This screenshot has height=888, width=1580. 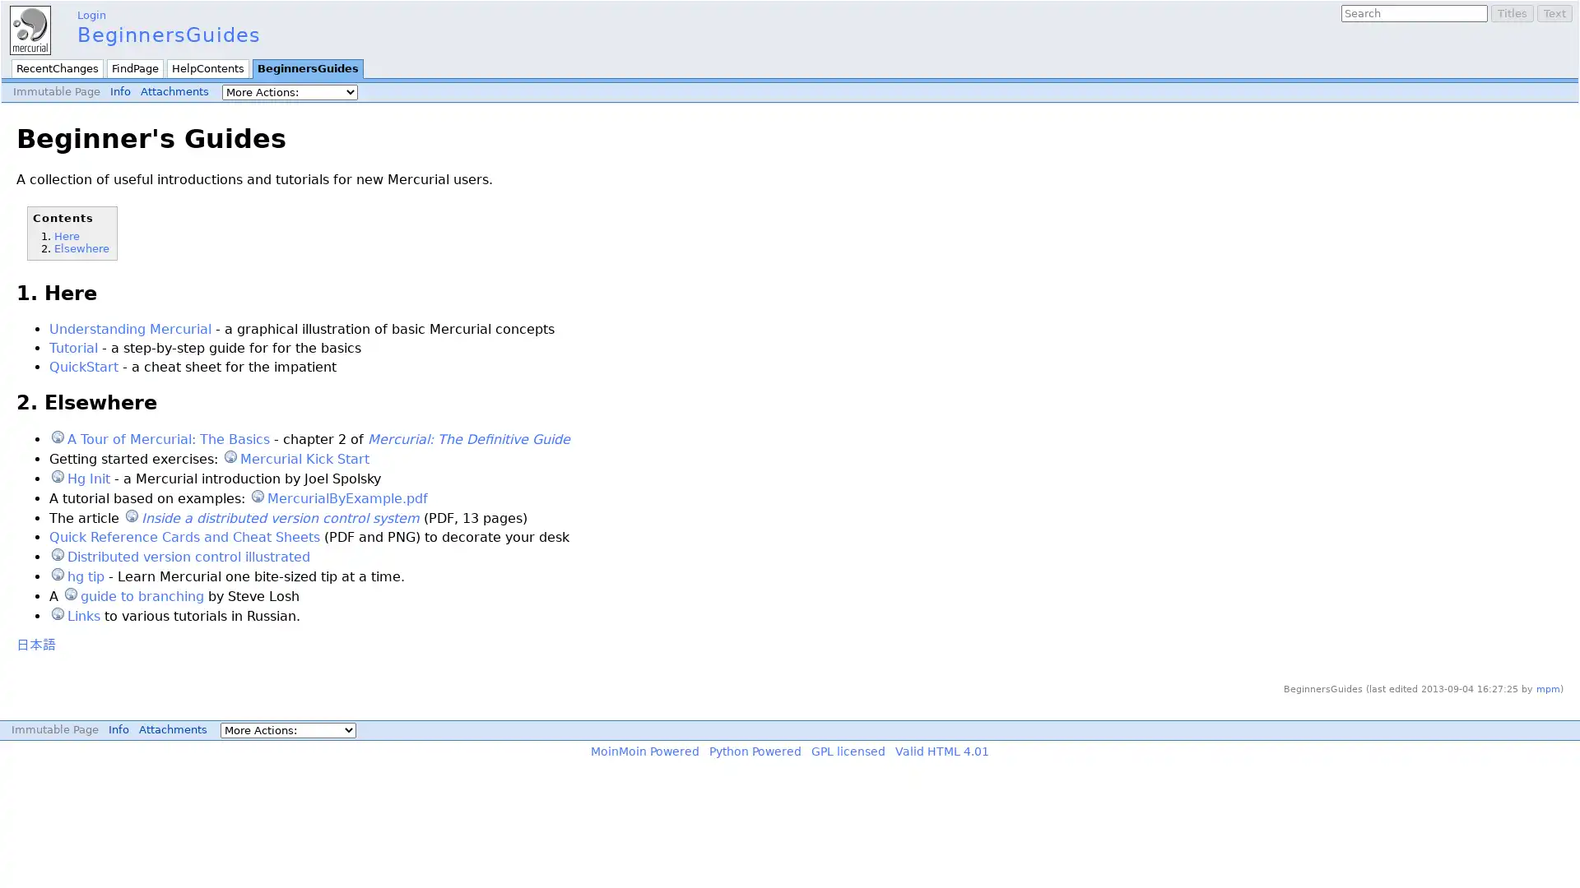 I want to click on Titles, so click(x=1513, y=13).